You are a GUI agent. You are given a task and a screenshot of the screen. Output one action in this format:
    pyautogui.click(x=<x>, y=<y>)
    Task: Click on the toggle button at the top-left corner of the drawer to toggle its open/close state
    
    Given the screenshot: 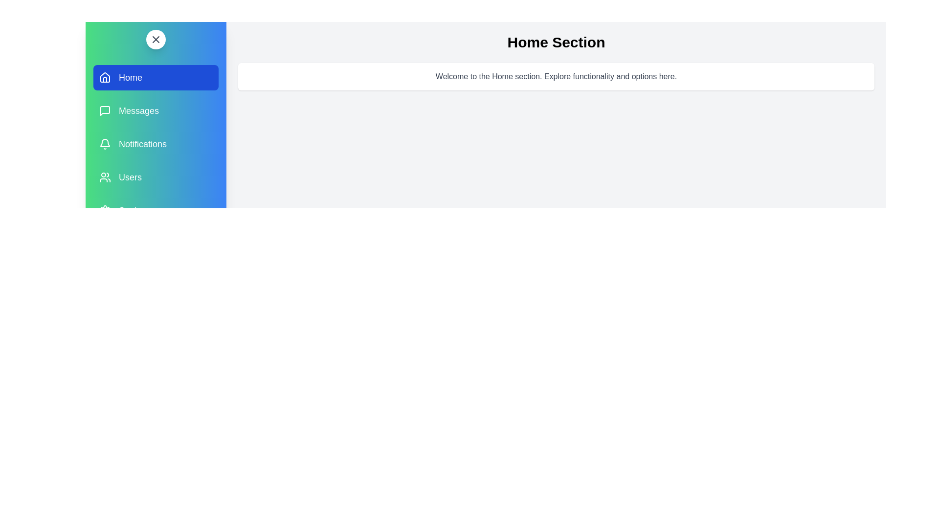 What is the action you would take?
    pyautogui.click(x=155, y=39)
    